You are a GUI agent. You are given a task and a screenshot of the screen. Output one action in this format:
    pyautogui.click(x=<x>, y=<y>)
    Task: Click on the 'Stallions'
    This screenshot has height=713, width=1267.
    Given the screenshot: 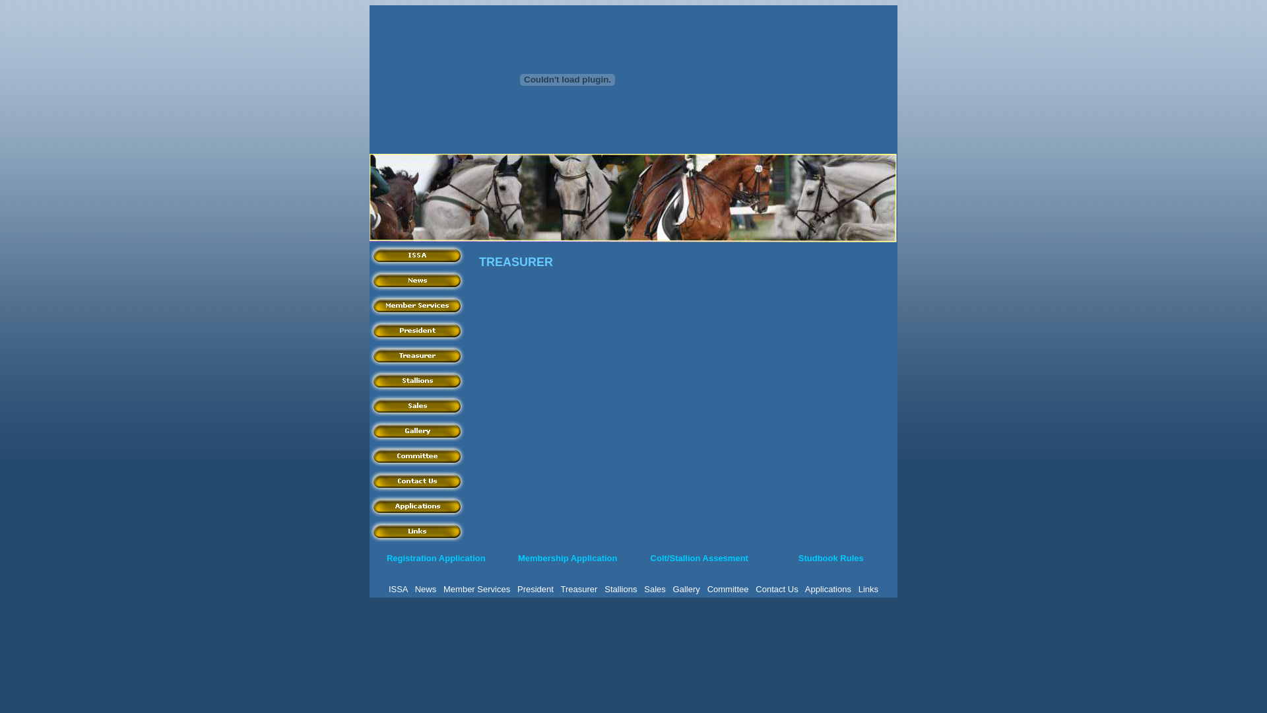 What is the action you would take?
    pyautogui.click(x=620, y=588)
    